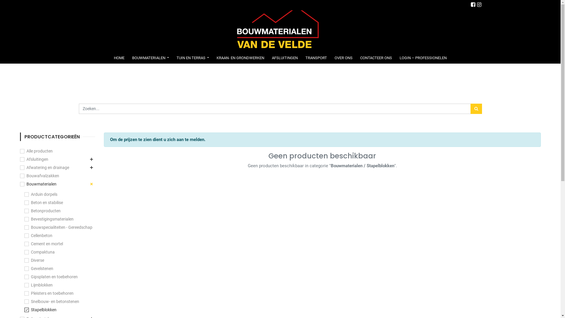 This screenshot has width=565, height=318. What do you see at coordinates (357, 58) in the screenshot?
I see `'CONTACTEER ONS'` at bounding box center [357, 58].